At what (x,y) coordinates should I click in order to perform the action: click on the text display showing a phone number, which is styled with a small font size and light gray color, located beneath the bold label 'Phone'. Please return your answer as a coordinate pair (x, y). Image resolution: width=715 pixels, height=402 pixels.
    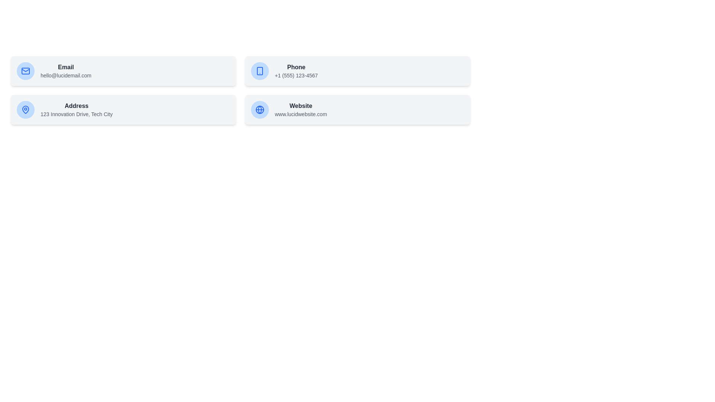
    Looking at the image, I should click on (296, 76).